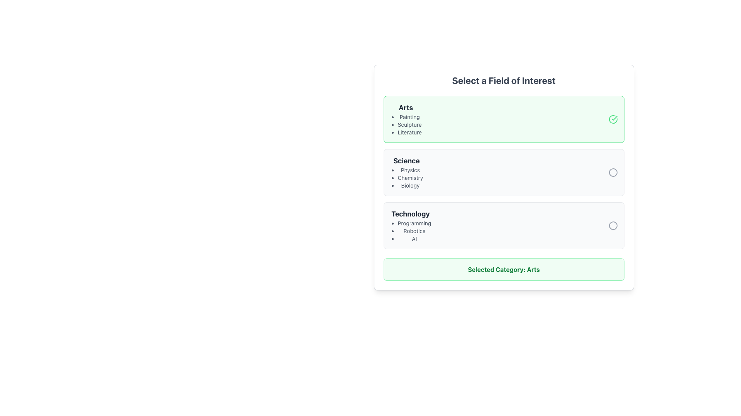  What do you see at coordinates (612, 172) in the screenshot?
I see `the circular SVG radio button styled as a selectable indicator in the Science category section of the outlined card interface` at bounding box center [612, 172].